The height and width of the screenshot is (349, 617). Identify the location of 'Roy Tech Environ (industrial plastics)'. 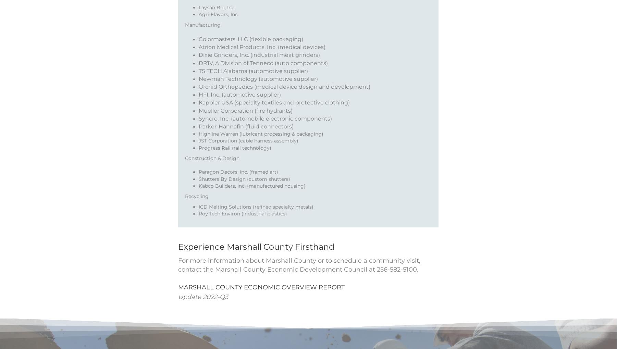
(243, 222).